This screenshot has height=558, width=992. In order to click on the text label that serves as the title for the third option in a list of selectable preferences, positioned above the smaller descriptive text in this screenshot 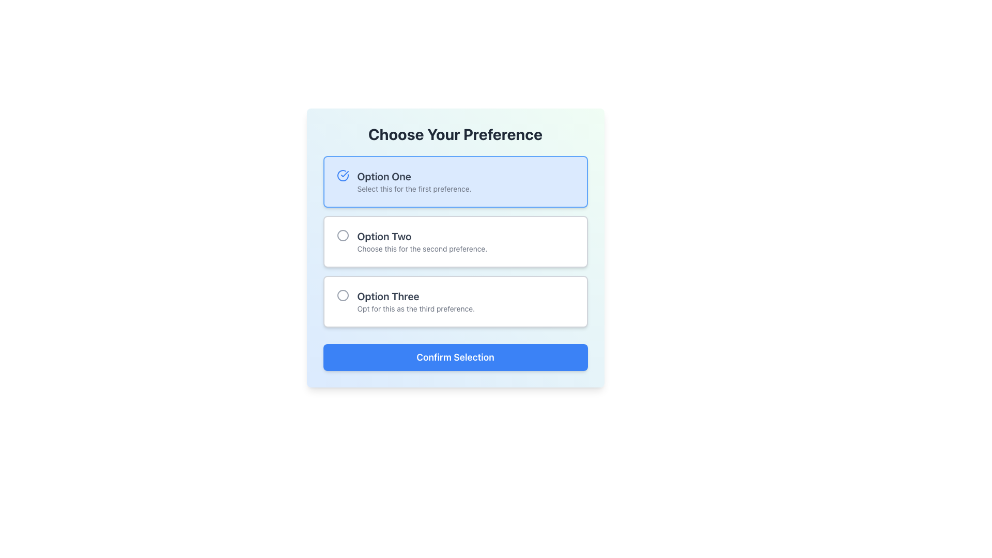, I will do `click(416, 297)`.